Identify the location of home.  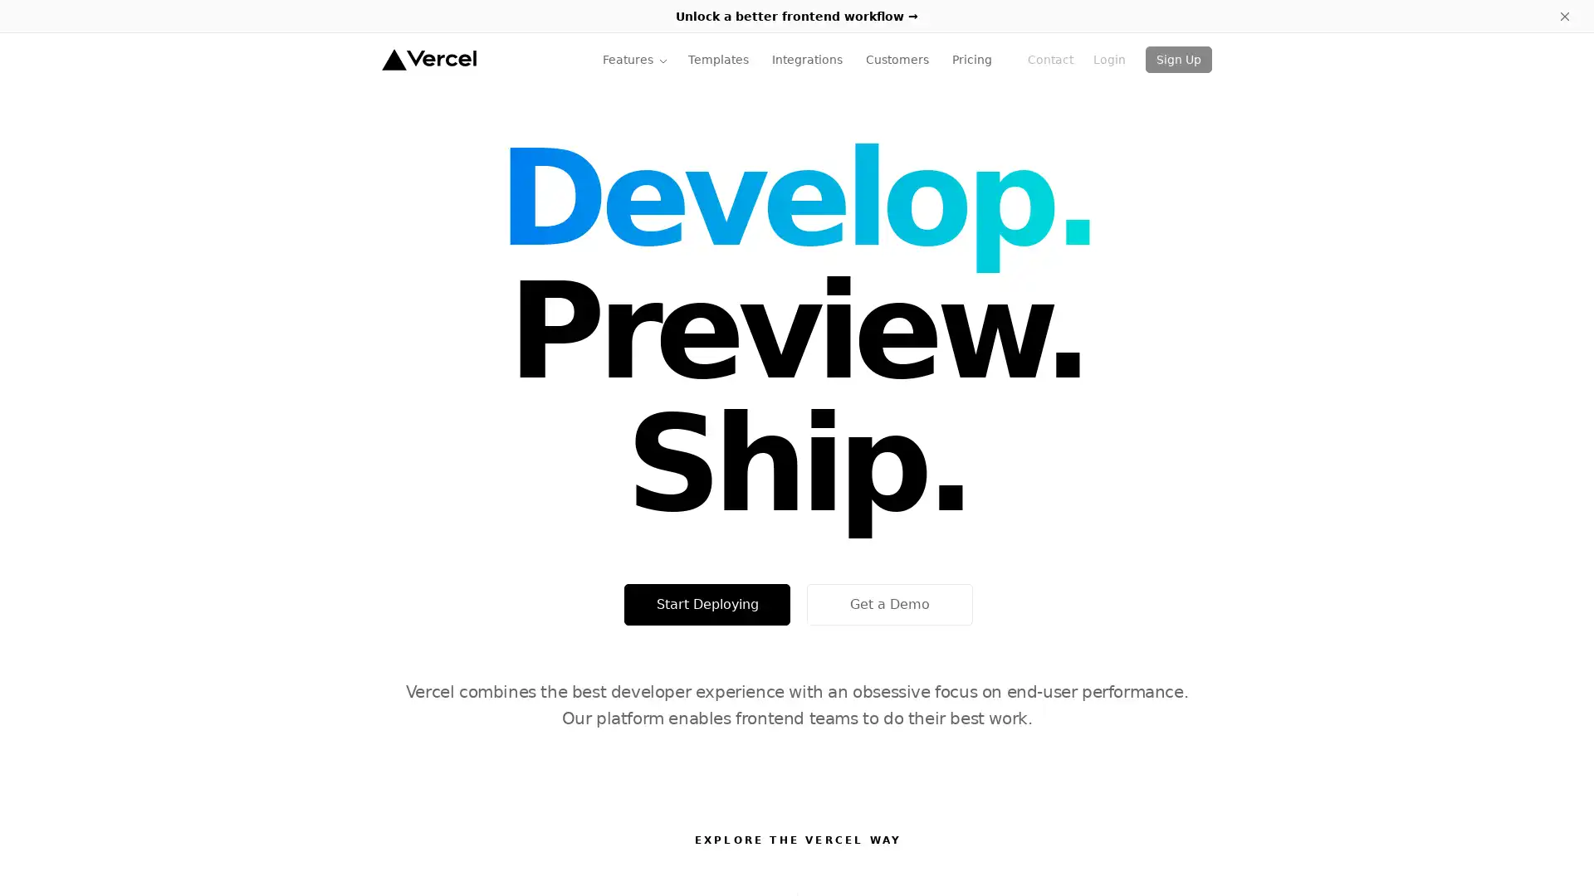
(428, 59).